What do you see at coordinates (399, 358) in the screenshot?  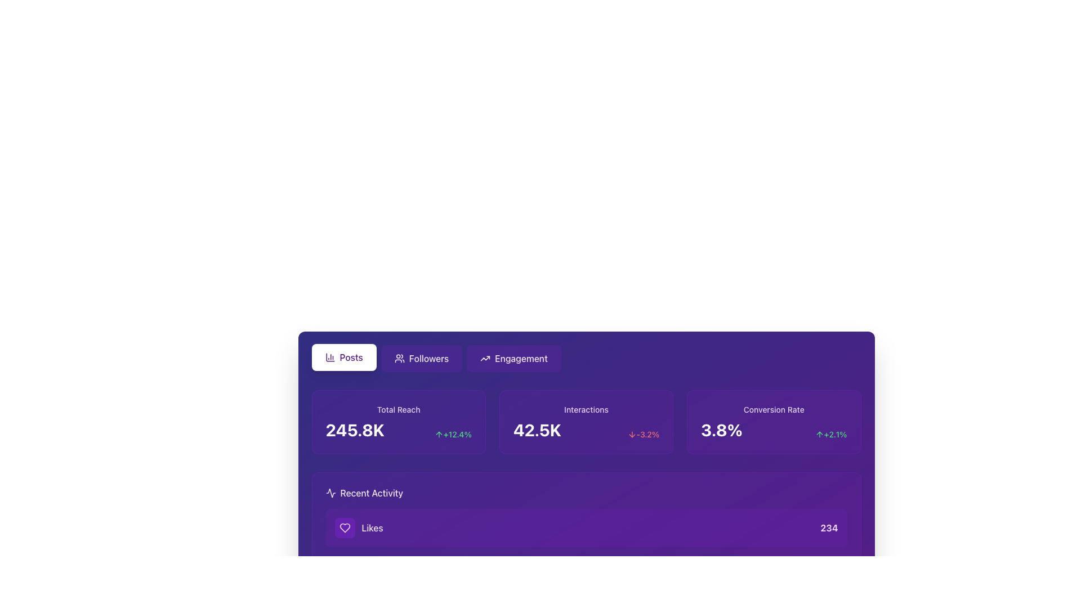 I see `the 'Followers' button, which contains a small icon of a group of users` at bounding box center [399, 358].